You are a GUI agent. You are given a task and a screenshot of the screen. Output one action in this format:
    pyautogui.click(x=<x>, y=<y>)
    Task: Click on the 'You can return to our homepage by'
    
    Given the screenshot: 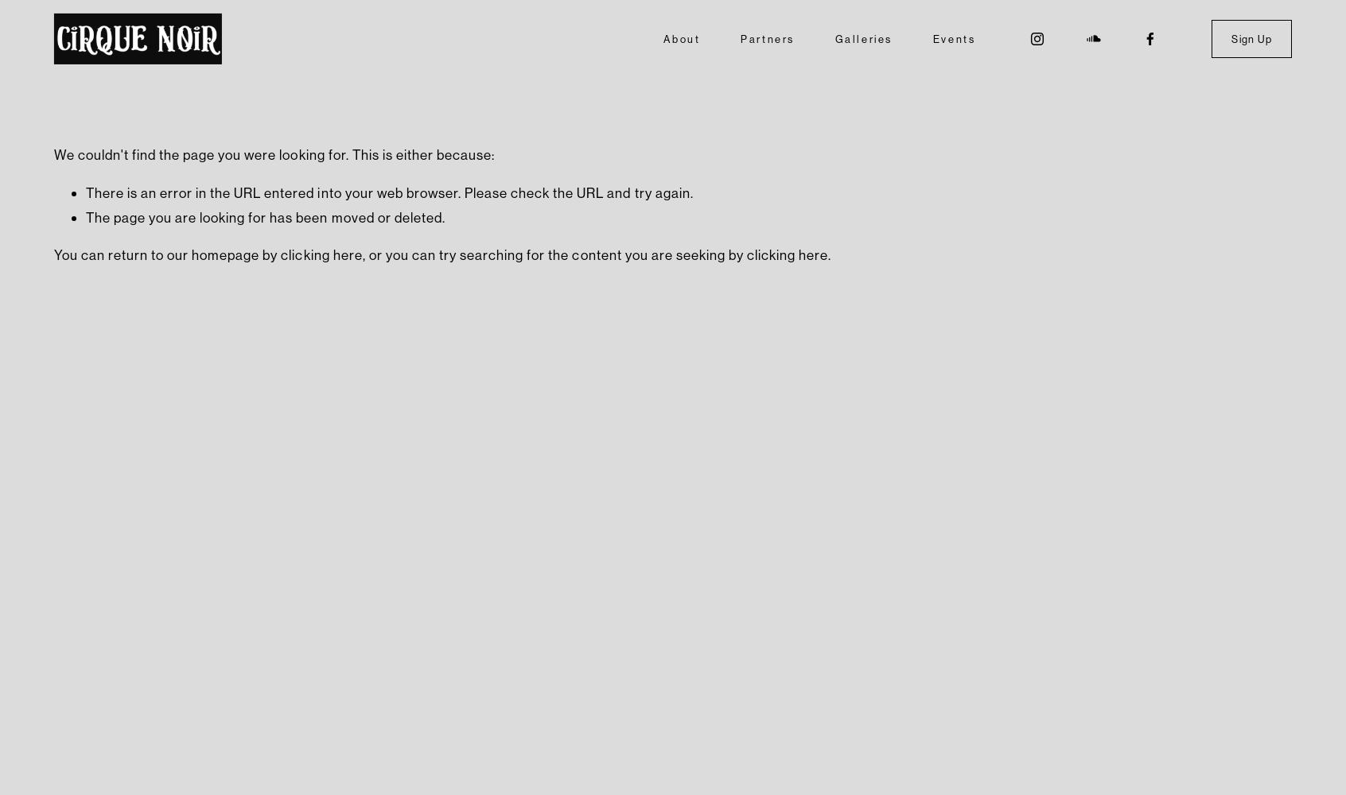 What is the action you would take?
    pyautogui.click(x=165, y=254)
    